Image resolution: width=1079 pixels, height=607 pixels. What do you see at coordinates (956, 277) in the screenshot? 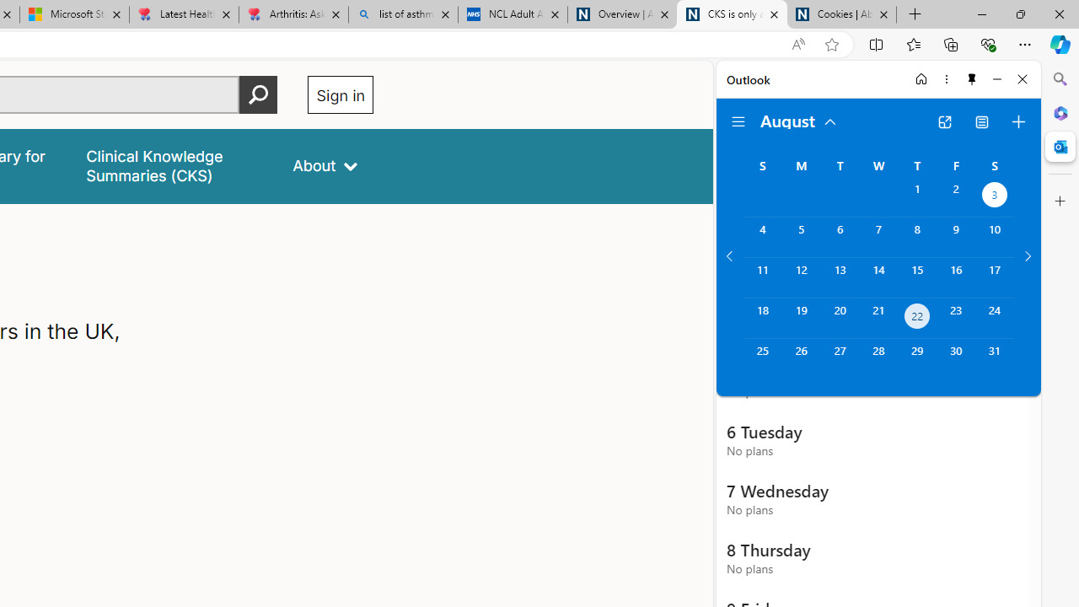
I see `'Friday, August 16, 2024. '` at bounding box center [956, 277].